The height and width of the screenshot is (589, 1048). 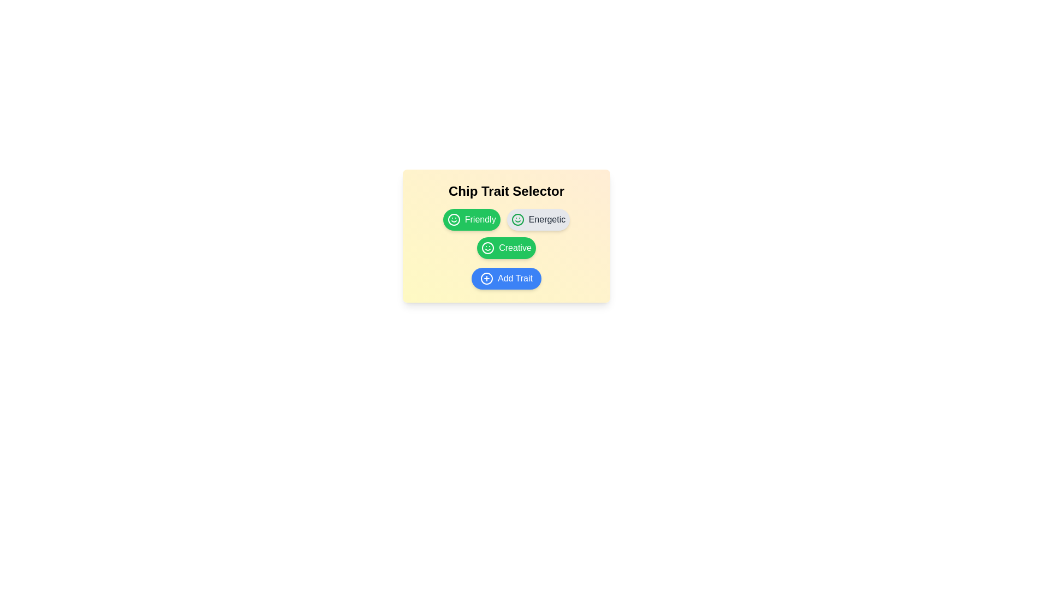 What do you see at coordinates (472, 219) in the screenshot?
I see `the chip labeled Friendly to observe its hover effect` at bounding box center [472, 219].